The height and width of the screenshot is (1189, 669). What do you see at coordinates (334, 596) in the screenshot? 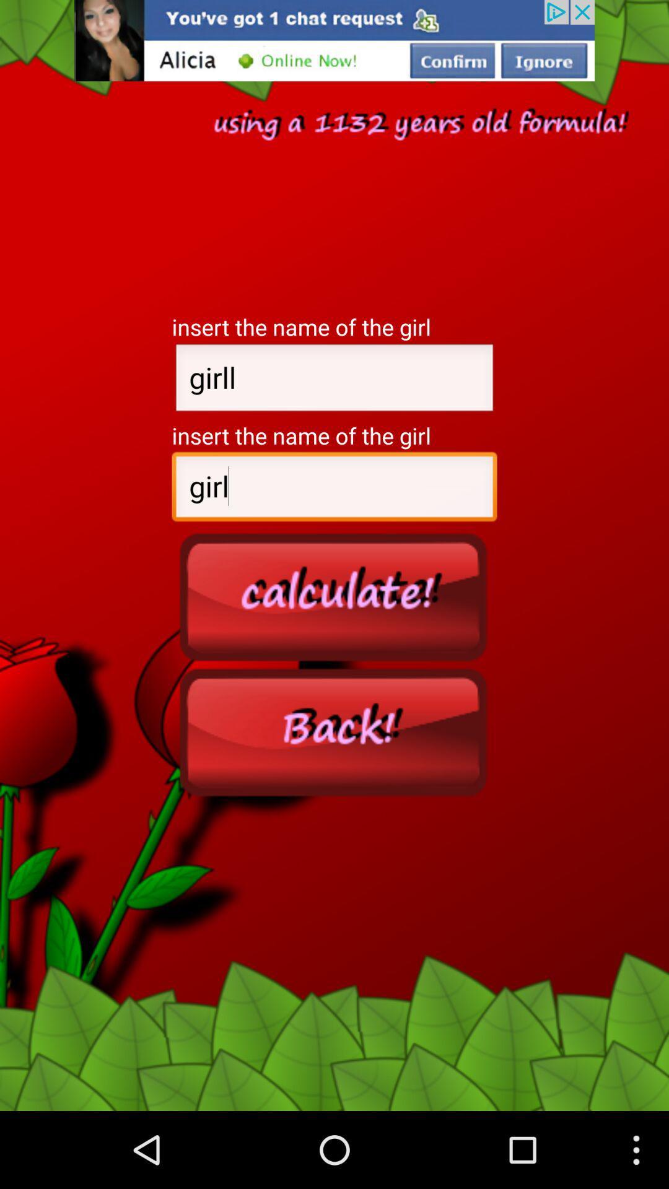
I see `calculate using formula` at bounding box center [334, 596].